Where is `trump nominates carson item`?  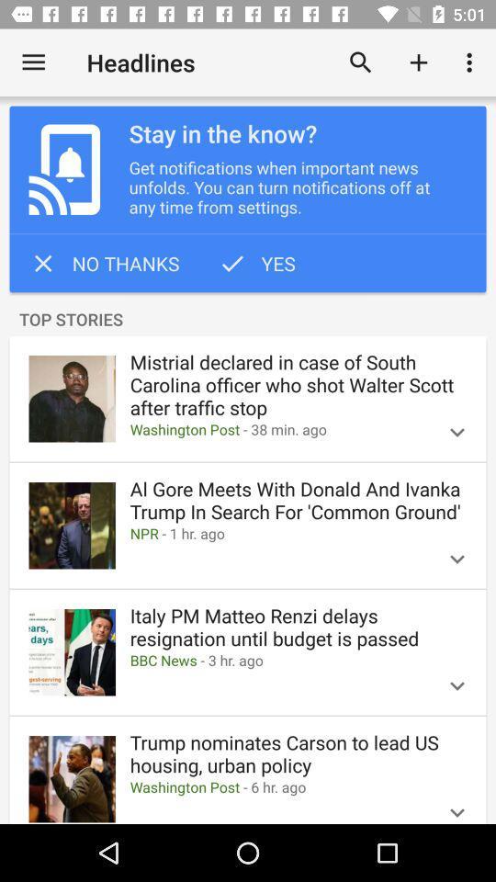 trump nominates carson item is located at coordinates (299, 754).